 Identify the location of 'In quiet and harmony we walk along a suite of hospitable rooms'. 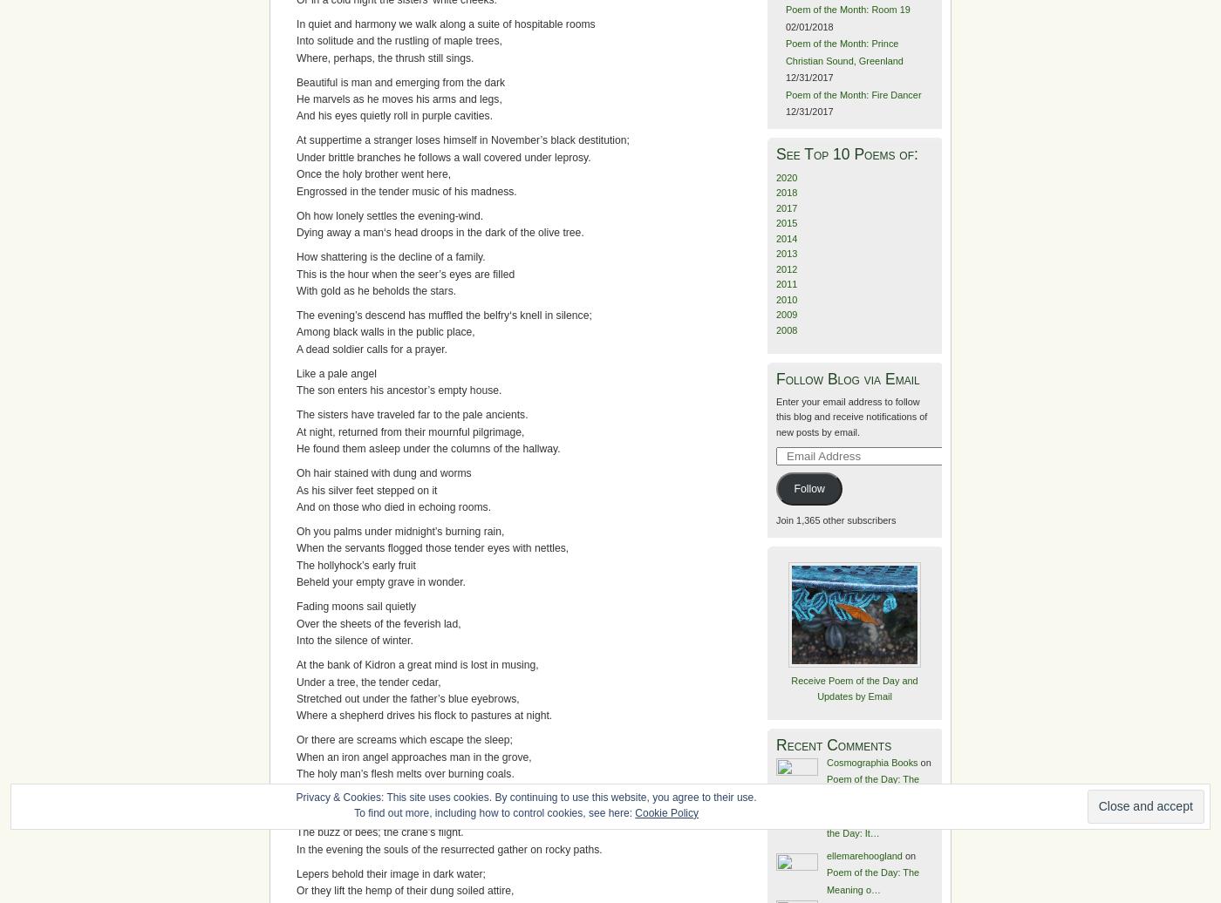
(446, 24).